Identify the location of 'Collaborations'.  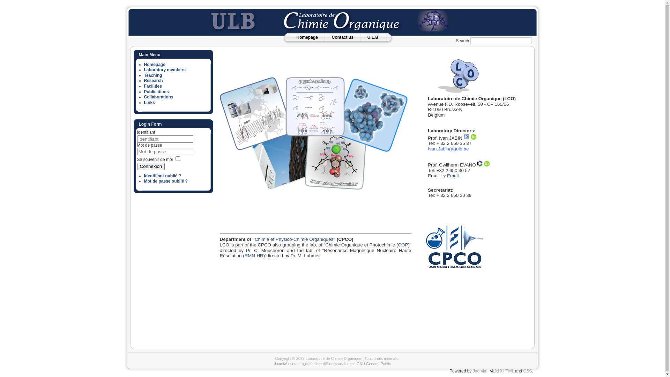
(158, 97).